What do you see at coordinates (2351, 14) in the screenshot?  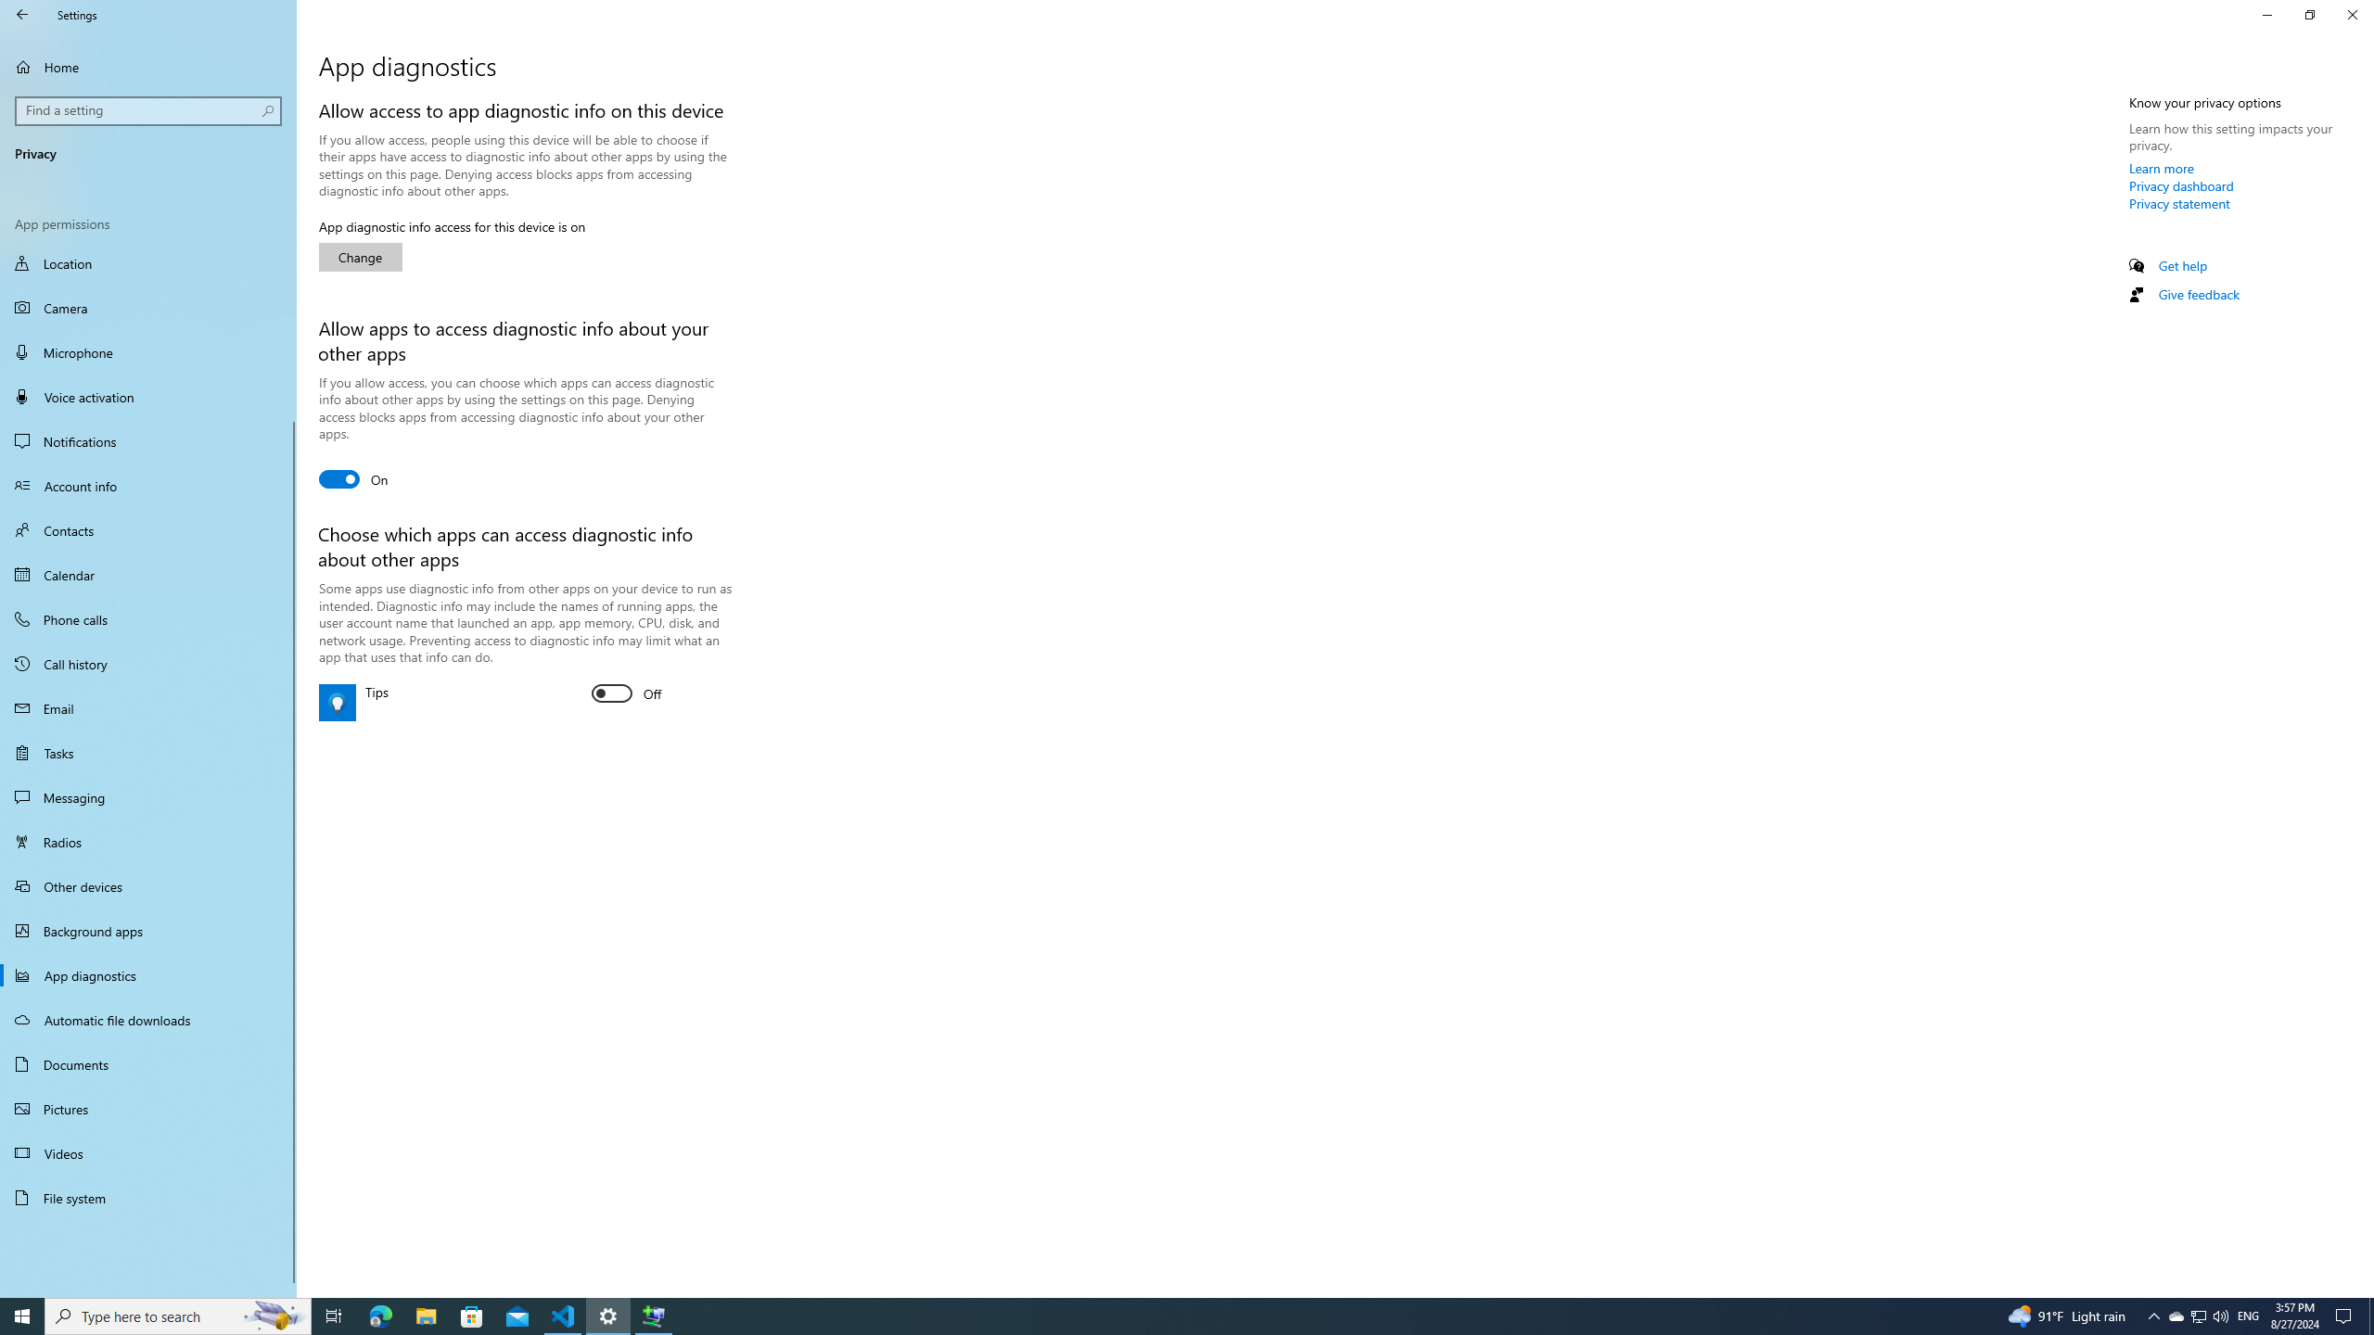 I see `'Close Settings'` at bounding box center [2351, 14].